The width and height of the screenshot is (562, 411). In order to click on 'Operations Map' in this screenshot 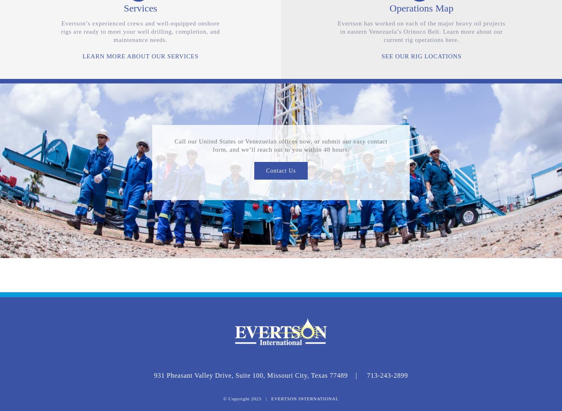, I will do `click(421, 8)`.